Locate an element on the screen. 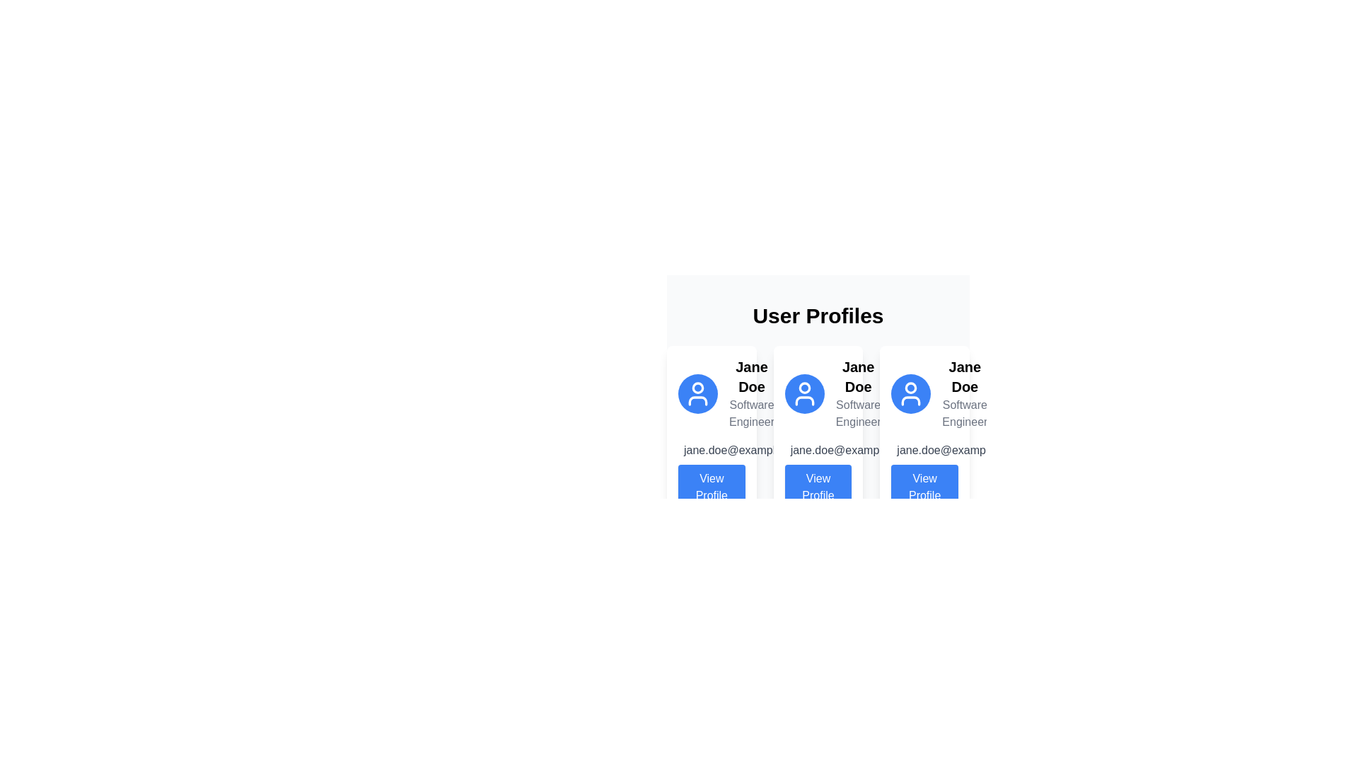 The height and width of the screenshot is (764, 1358). properties of the Text element that displays 'Jane Doe' as the header and 'Software Engineer' as the subtext, located in the first profile card beneath the avatar icon is located at coordinates (751, 393).